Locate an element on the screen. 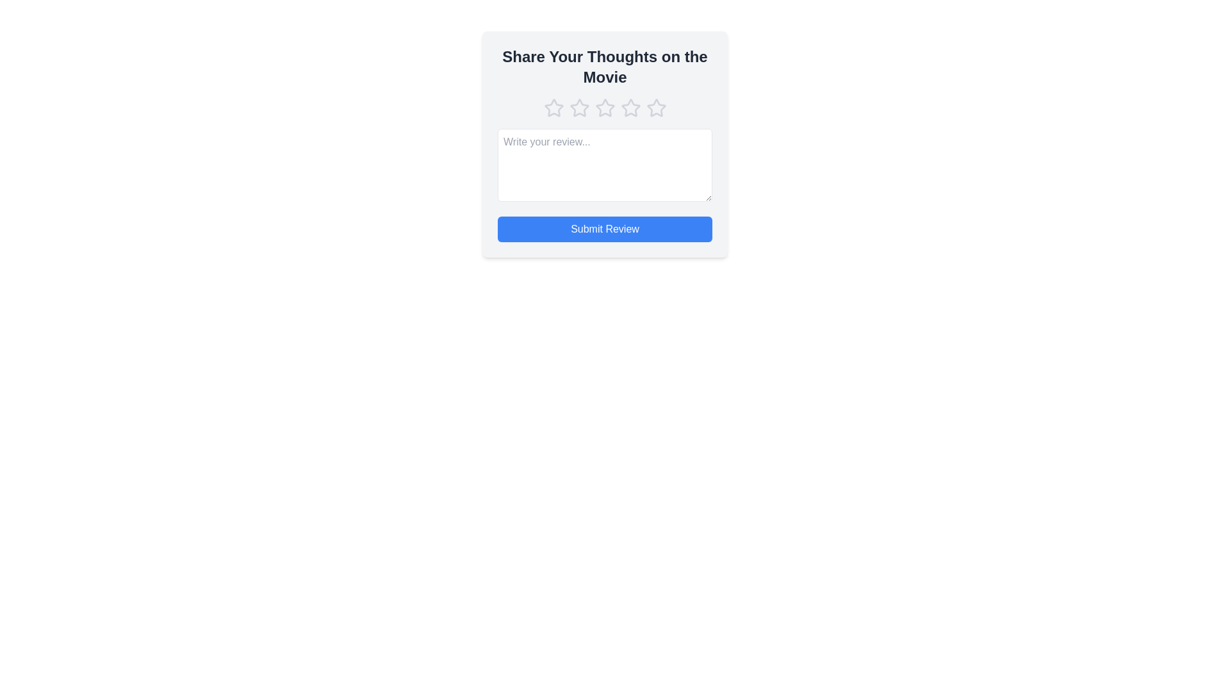 The image size is (1230, 692). the fourth gray outlined star icon in the rating interface is located at coordinates (630, 108).